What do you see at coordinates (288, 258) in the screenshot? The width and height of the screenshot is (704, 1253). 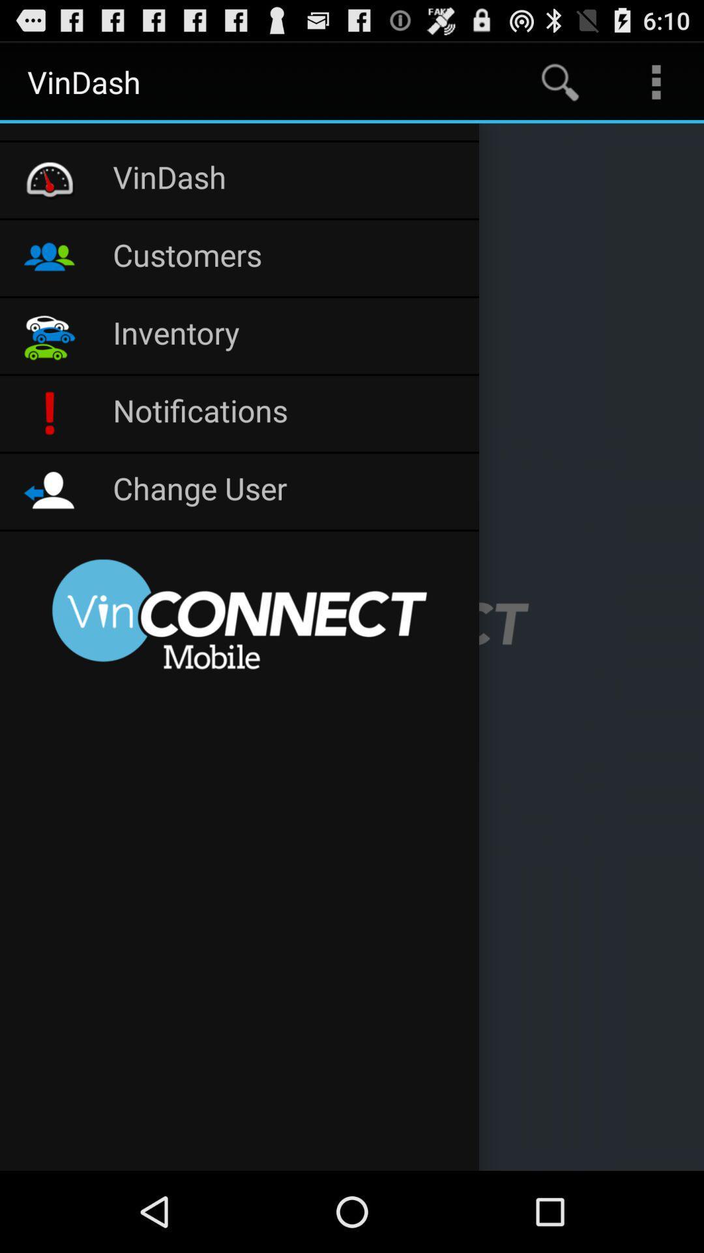 I see `icon below the vindash item` at bounding box center [288, 258].